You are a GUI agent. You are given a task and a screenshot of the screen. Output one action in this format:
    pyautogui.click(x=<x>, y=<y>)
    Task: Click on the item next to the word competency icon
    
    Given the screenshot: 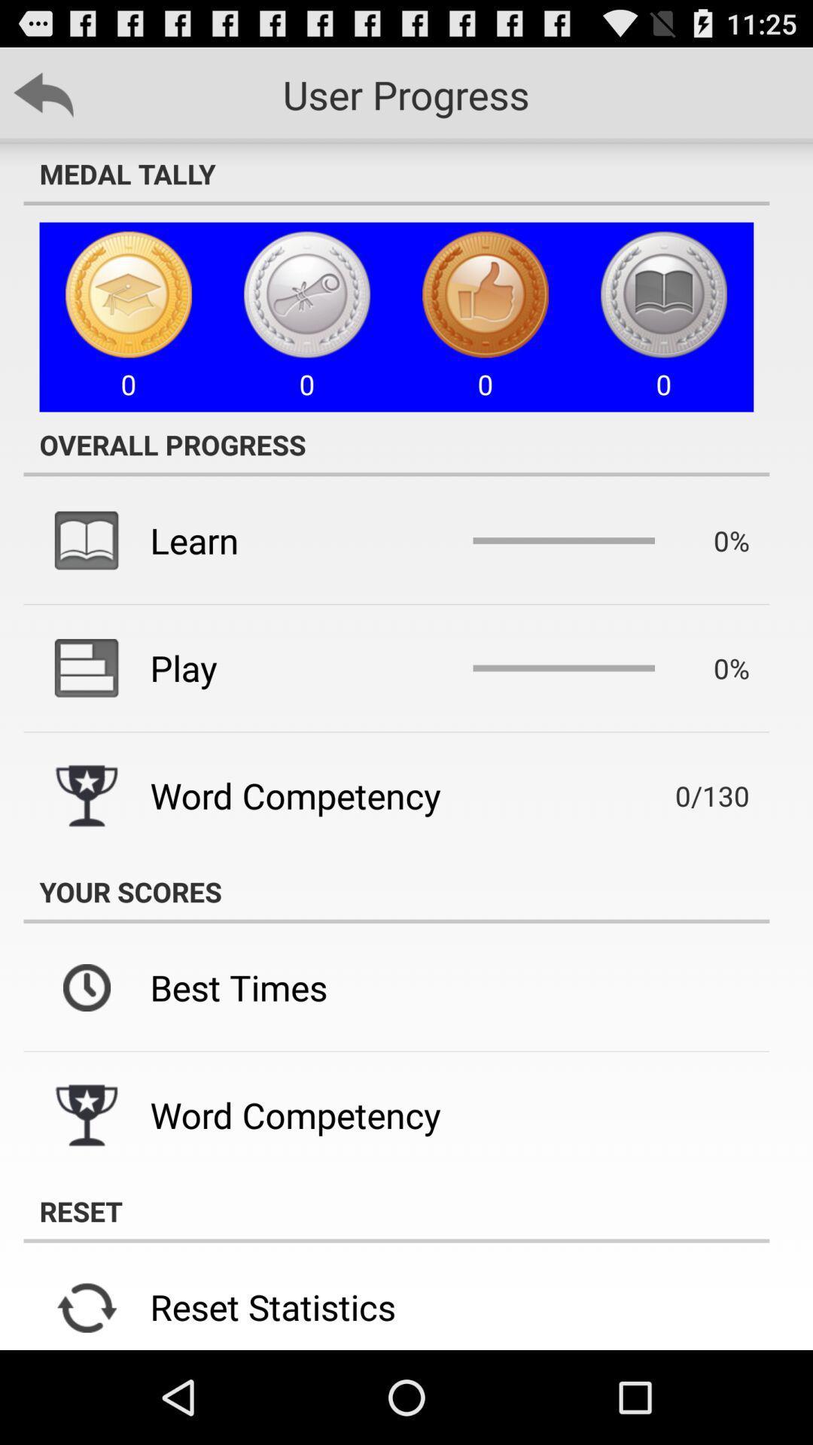 What is the action you would take?
    pyautogui.click(x=690, y=795)
    